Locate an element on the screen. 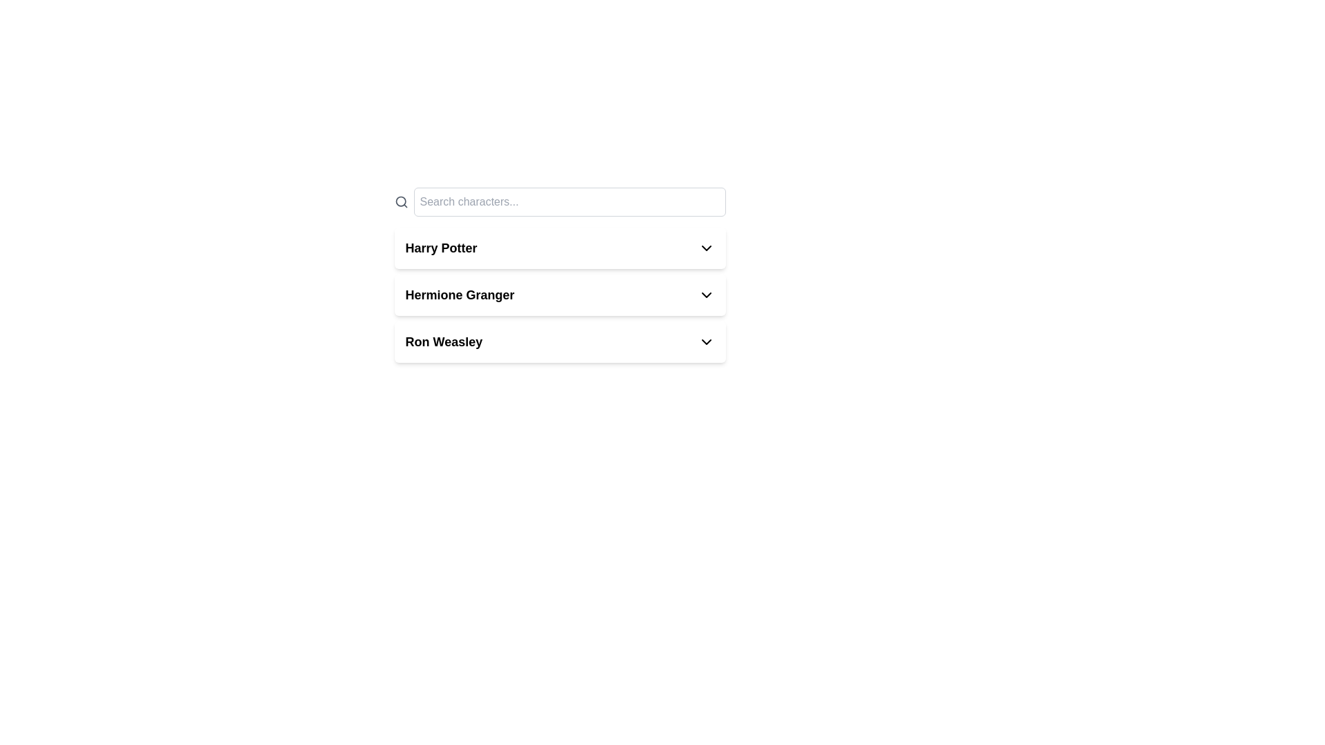 The height and width of the screenshot is (745, 1325). the text label that indicates a distinct item or category, positioned below 'Hermione Granger' and above other elements in the list is located at coordinates (444, 341).